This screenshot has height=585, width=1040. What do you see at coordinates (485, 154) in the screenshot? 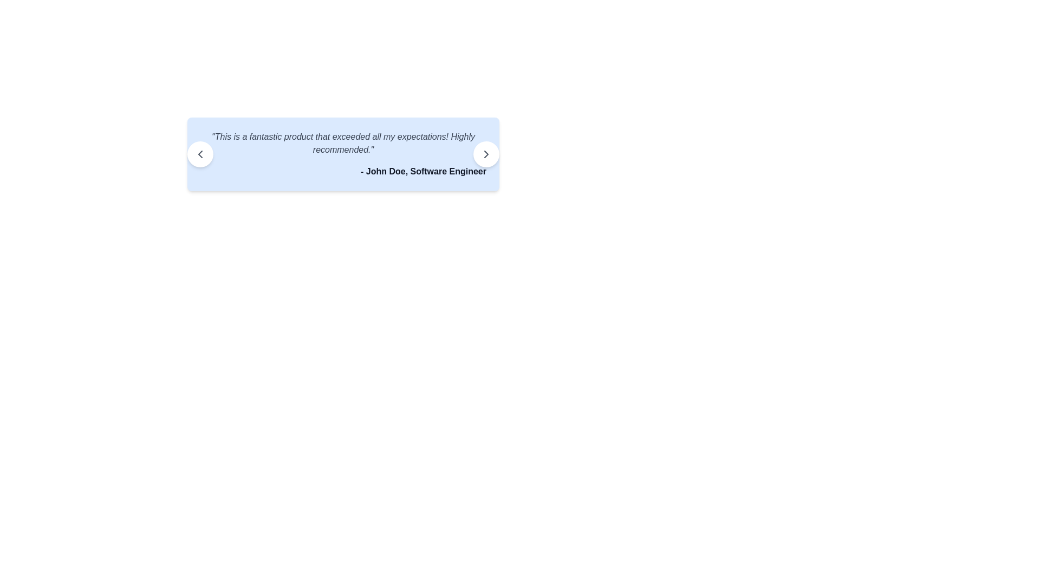
I see `the navigational chevron icon located at the far right end of the testimonial card for reordering` at bounding box center [485, 154].